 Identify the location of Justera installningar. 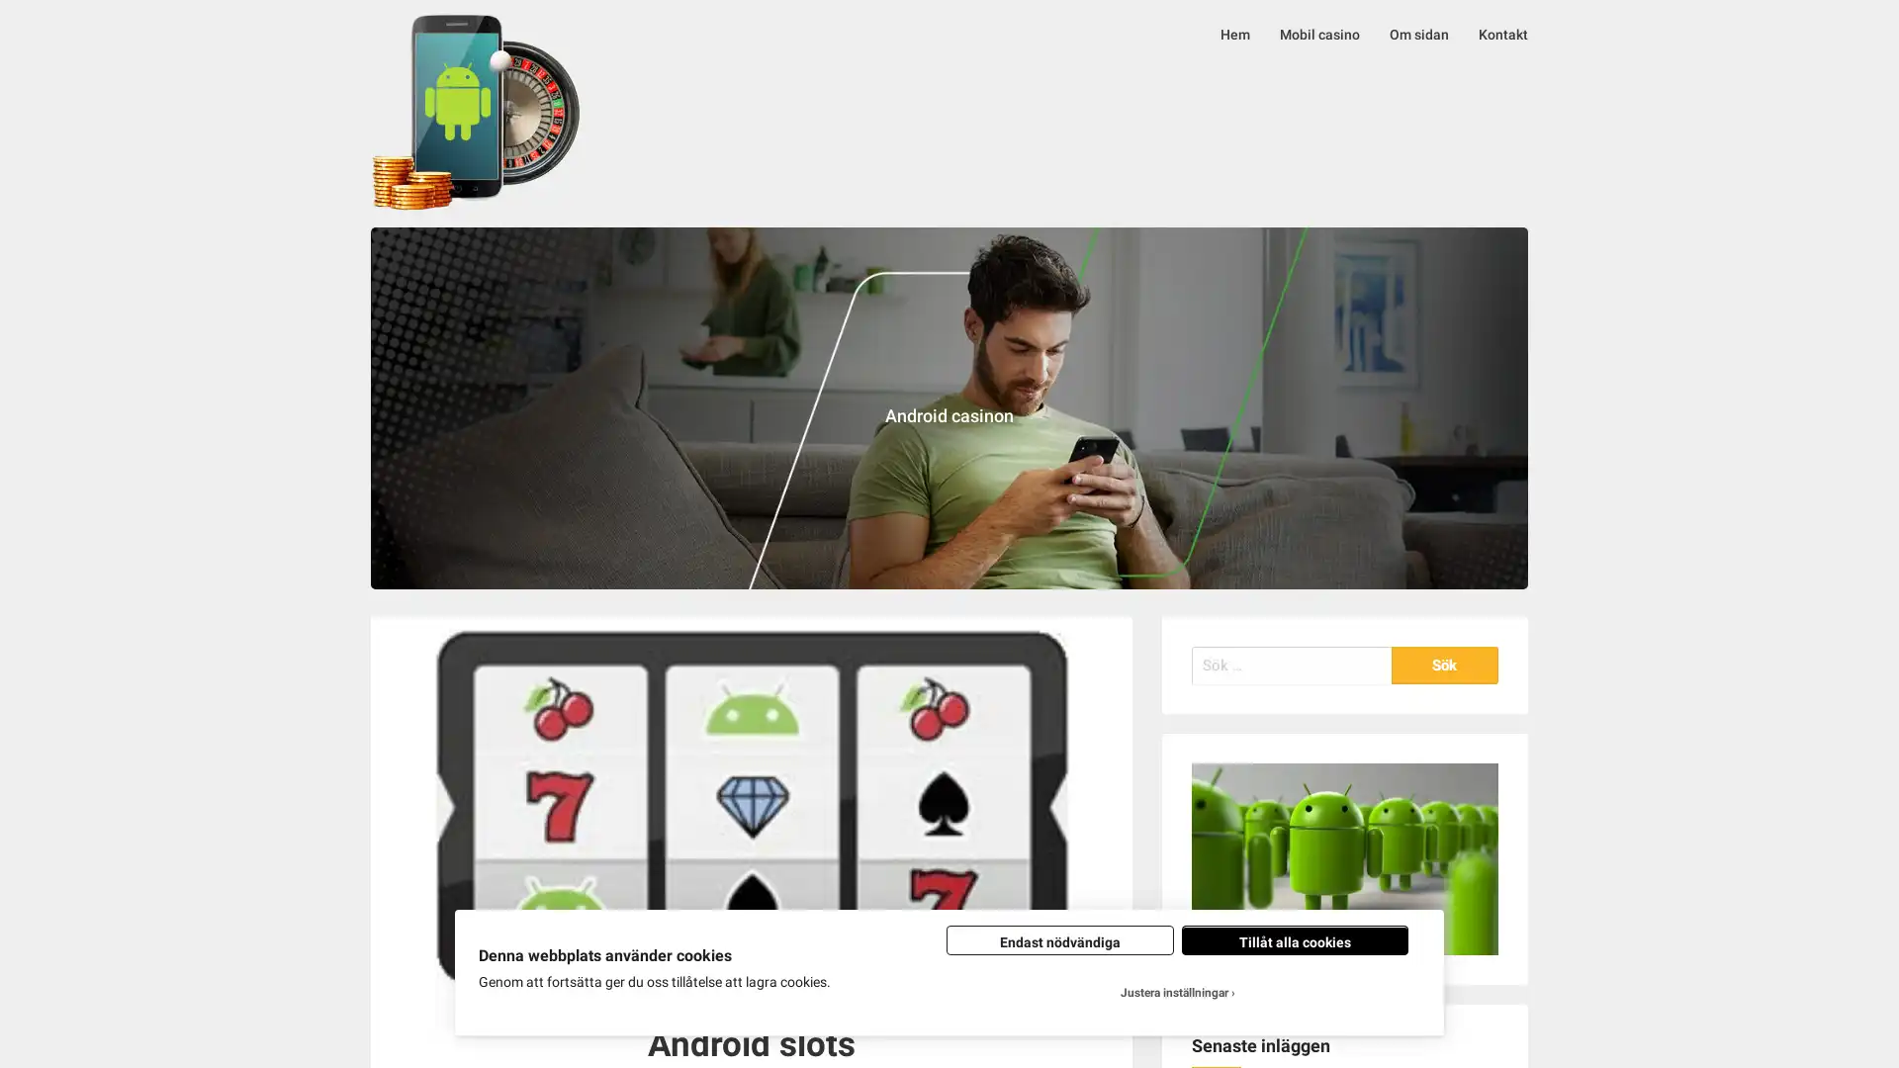
(1177, 991).